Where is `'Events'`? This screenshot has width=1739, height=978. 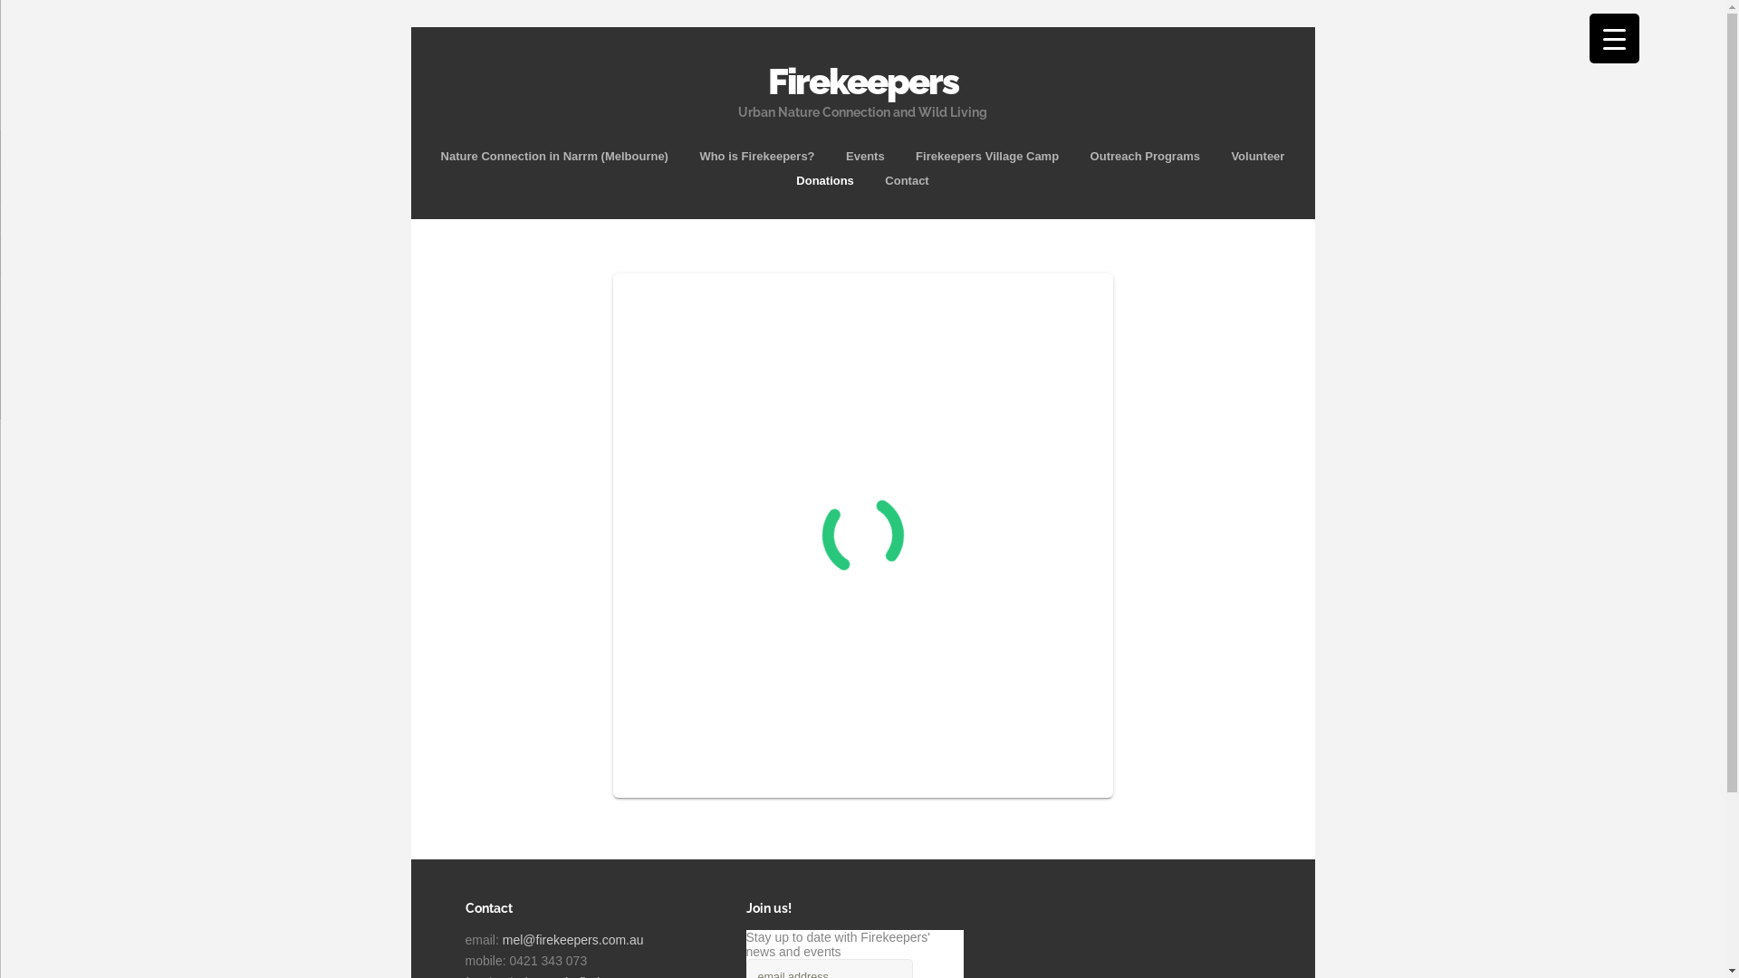
'Events' is located at coordinates (864, 155).